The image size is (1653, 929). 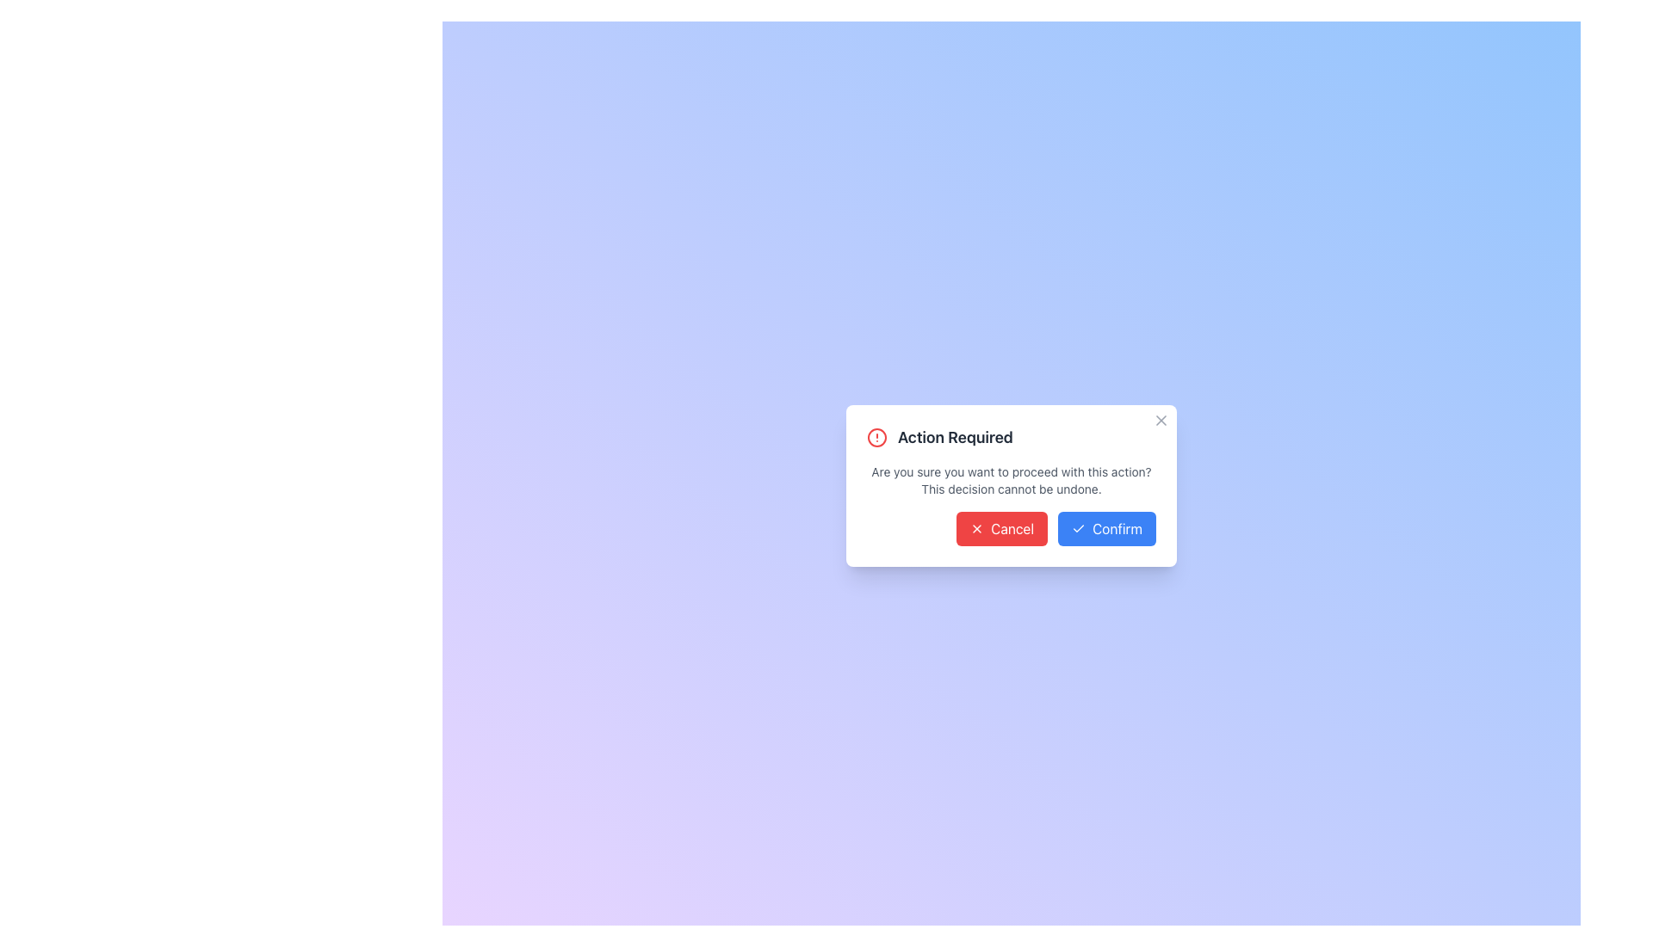 What do you see at coordinates (1002, 527) in the screenshot?
I see `the cancel button located at the bottom right of the dialog box, which is to the left of the blue 'Confirm' button` at bounding box center [1002, 527].